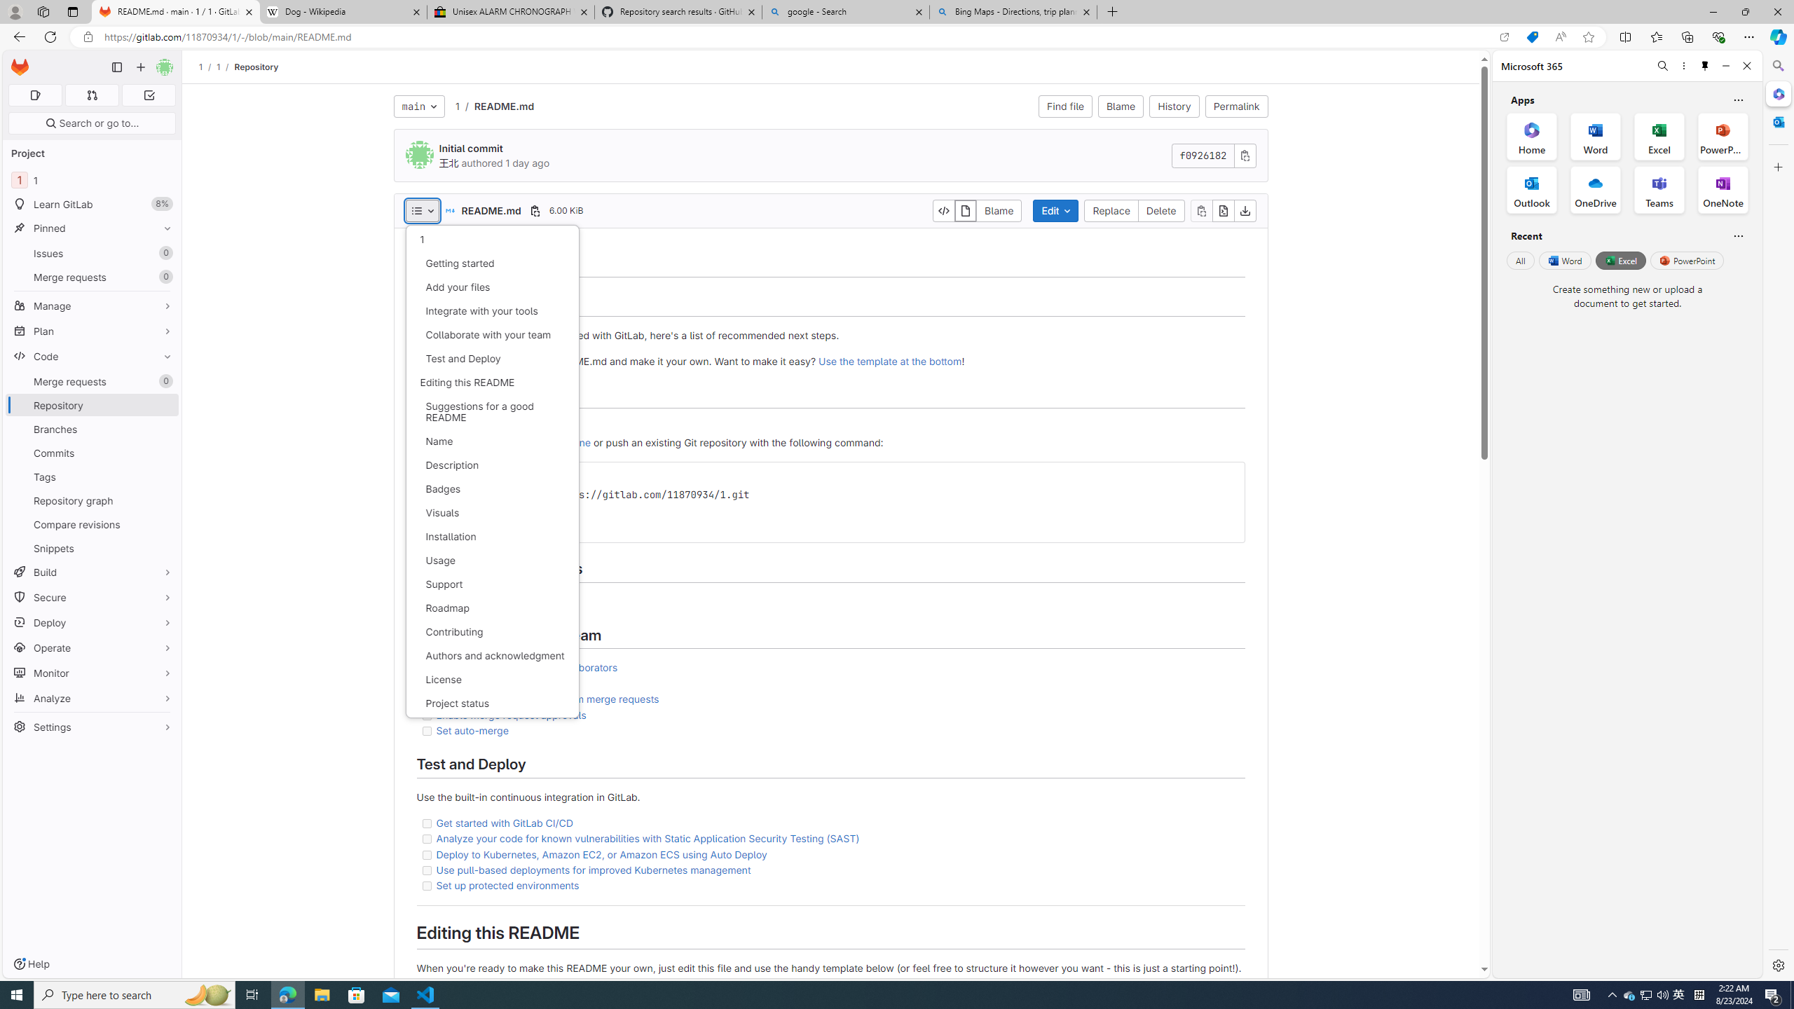  What do you see at coordinates (163, 380) in the screenshot?
I see `'Unpin Merge requests'` at bounding box center [163, 380].